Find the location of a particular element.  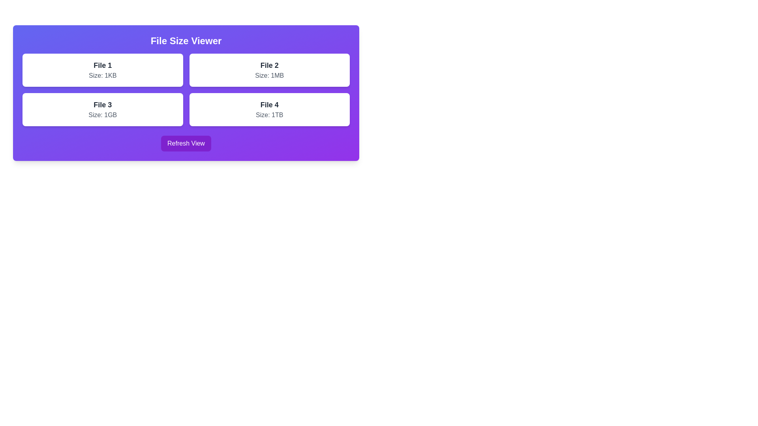

displayed information from the Information card featuring 'File 2' and 'Size: 1MB', located in the top-right corner of the grid layout is located at coordinates (269, 69).